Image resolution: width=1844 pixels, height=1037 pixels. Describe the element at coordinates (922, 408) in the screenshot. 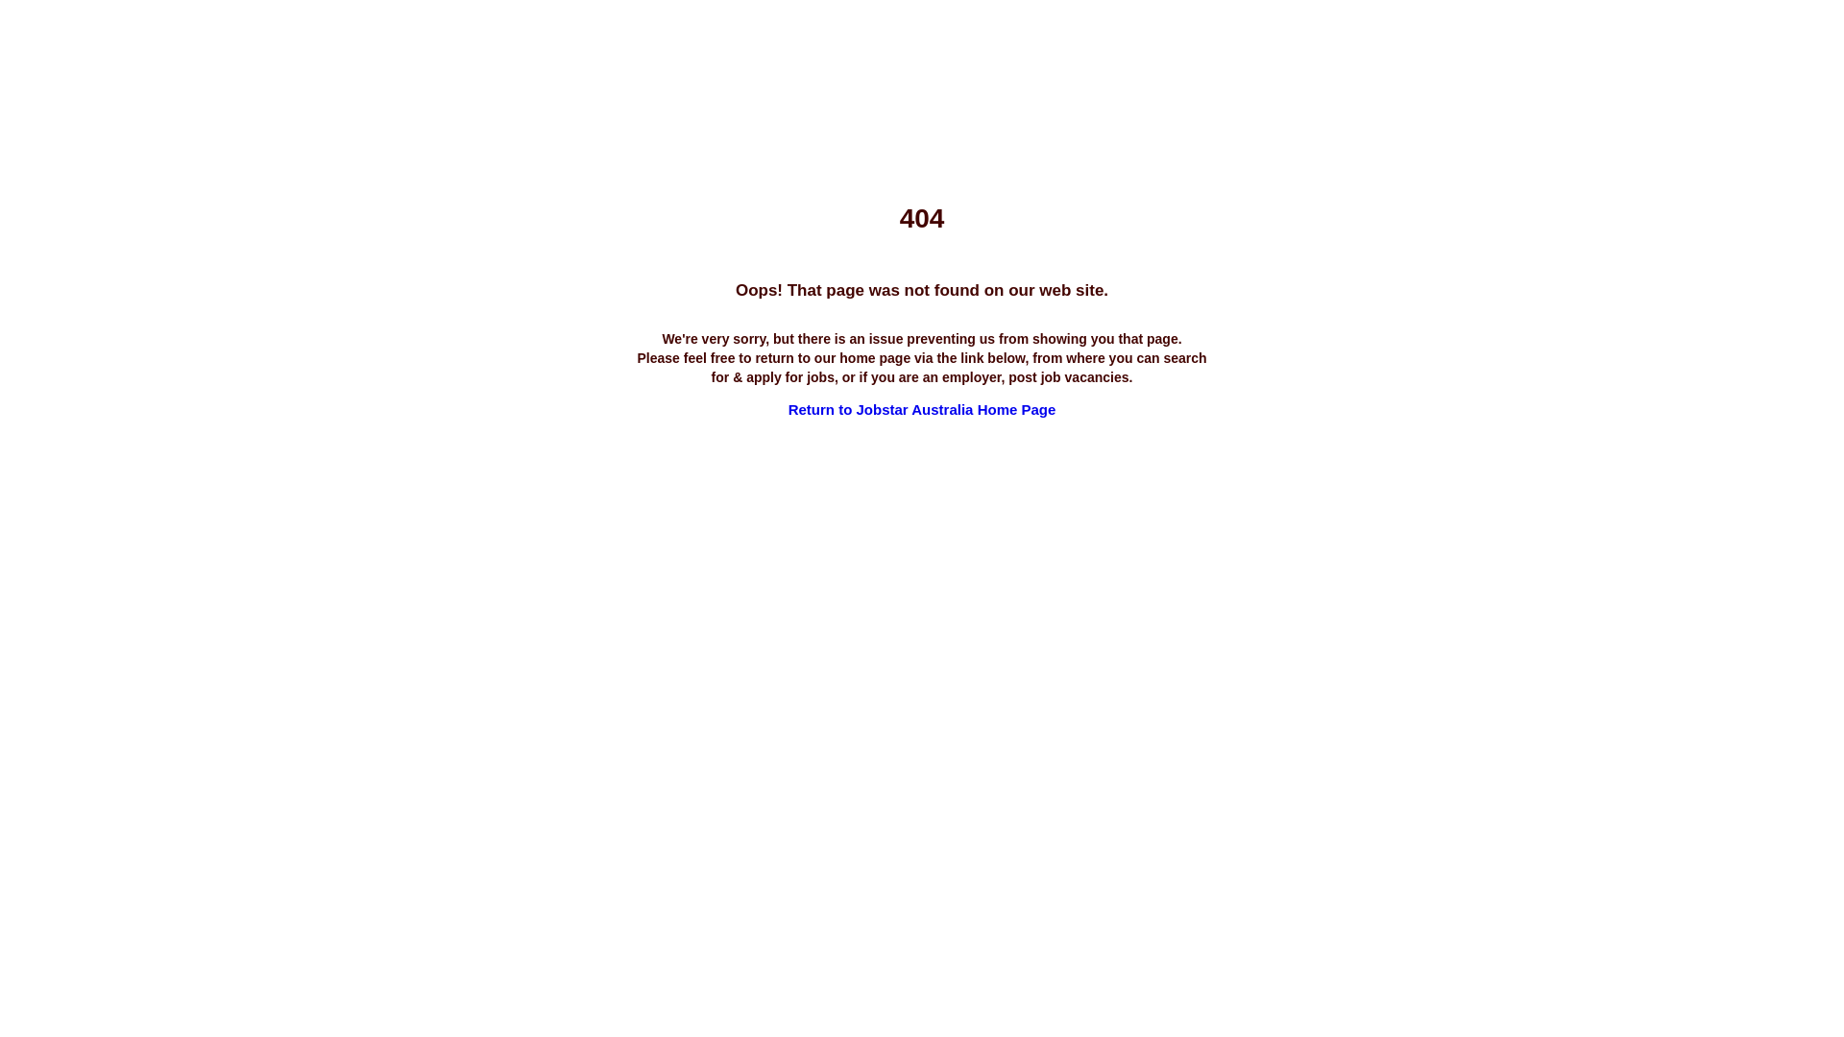

I see `'Return to Jobstar Australia Home Page'` at that location.